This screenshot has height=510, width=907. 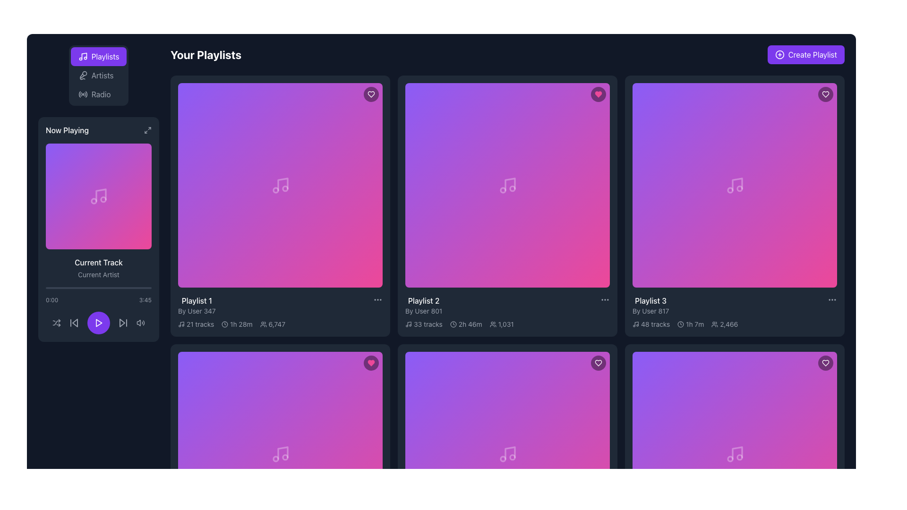 What do you see at coordinates (453, 323) in the screenshot?
I see `the Clock icon located within the 'Playlist 2' card, which indicates the duration of the playlist` at bounding box center [453, 323].